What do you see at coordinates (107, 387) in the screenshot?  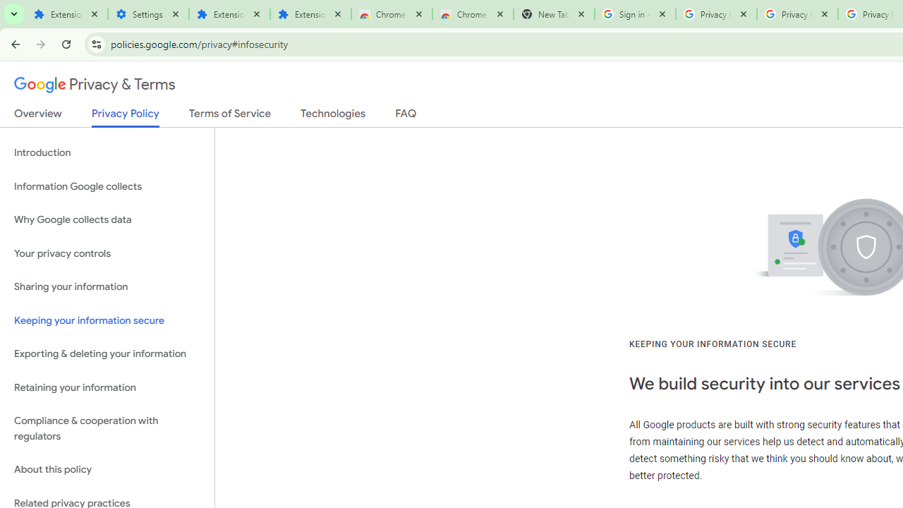 I see `'Retaining your information'` at bounding box center [107, 387].